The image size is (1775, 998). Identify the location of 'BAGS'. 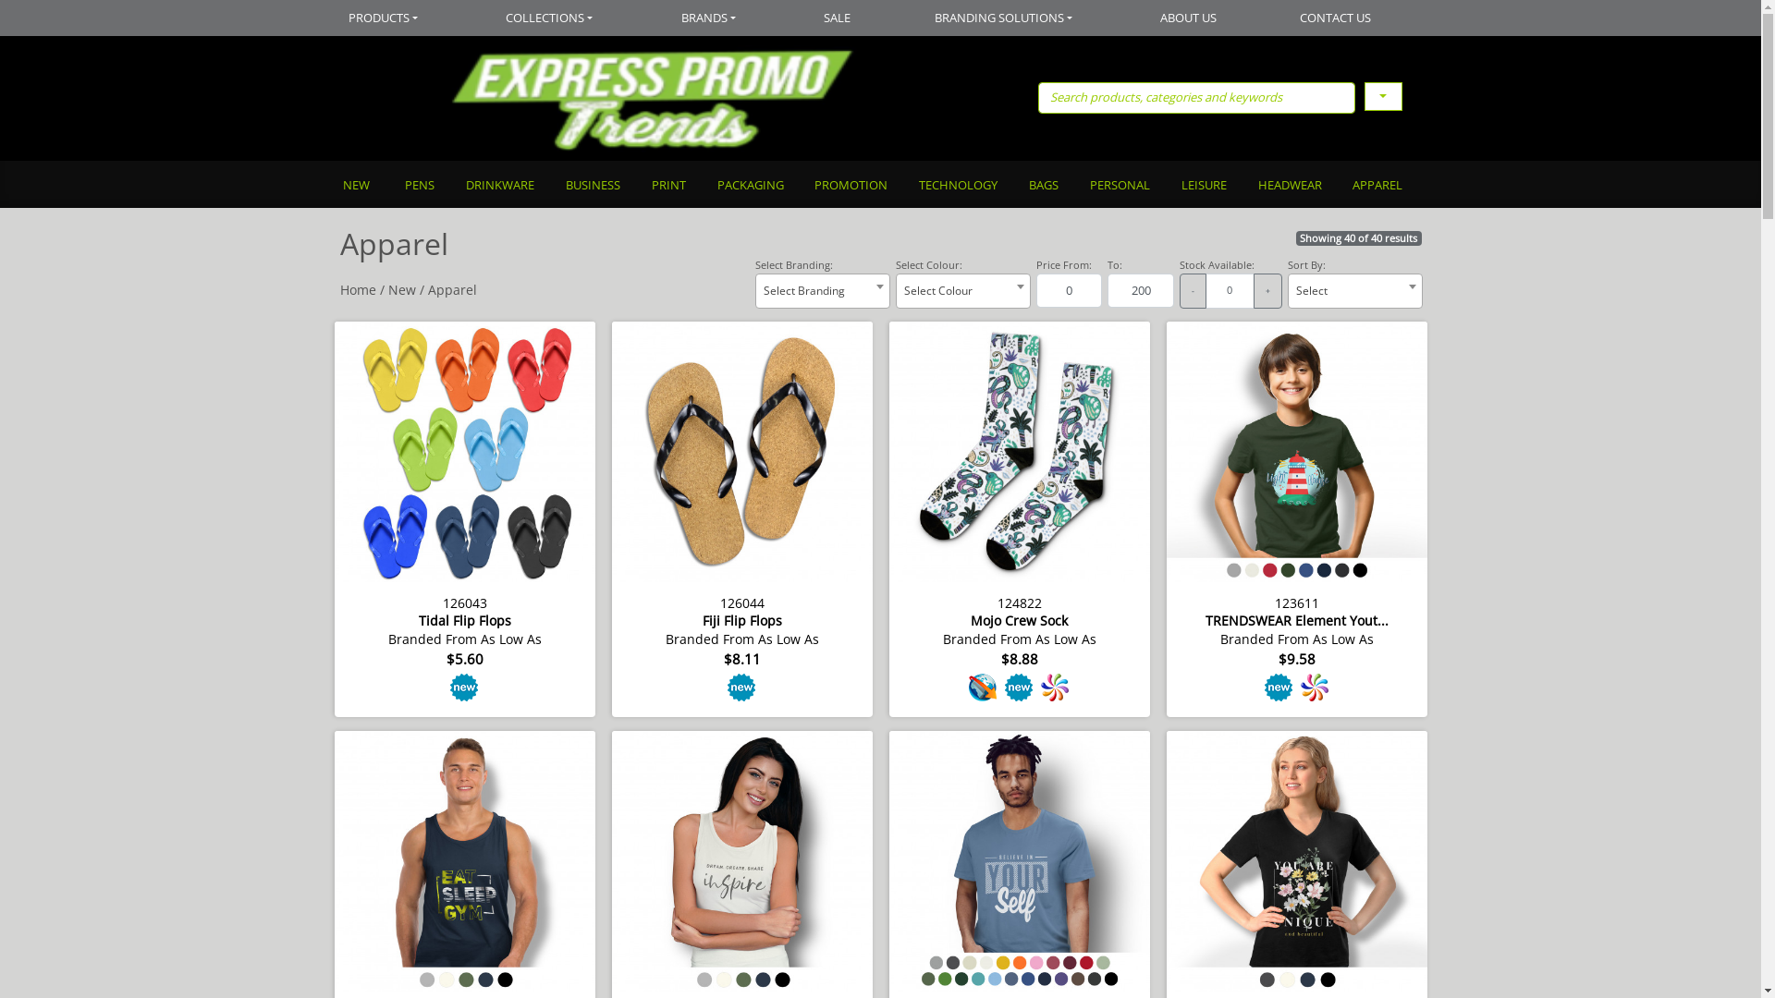
(1043, 186).